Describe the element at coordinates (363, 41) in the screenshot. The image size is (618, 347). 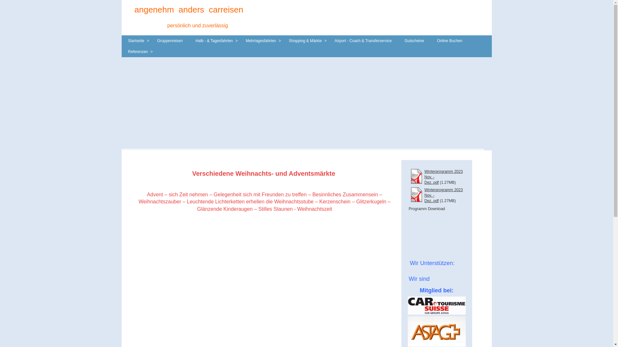
I see `'Airport - Coach & Transferservice'` at that location.